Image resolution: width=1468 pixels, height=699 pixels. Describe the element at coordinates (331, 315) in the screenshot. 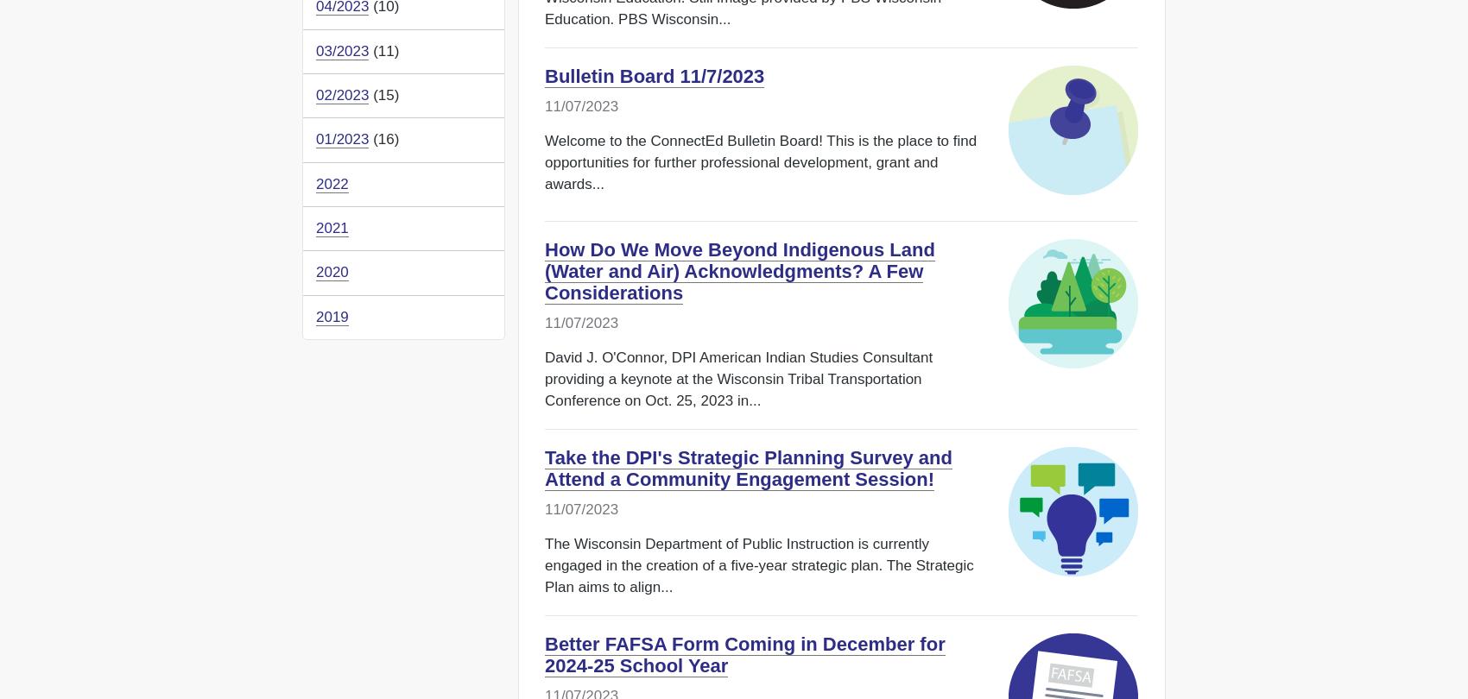

I see `'2019'` at that location.